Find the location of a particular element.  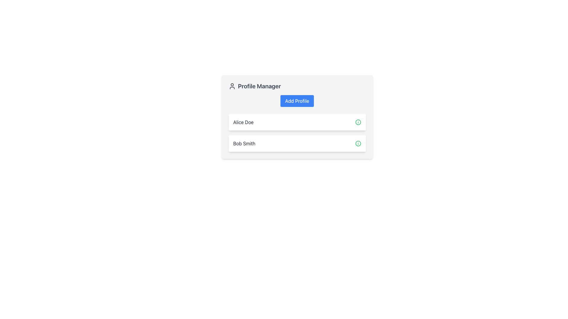

the green circular icon adjacent to the 'Alice Doe' profile is located at coordinates (358, 122).